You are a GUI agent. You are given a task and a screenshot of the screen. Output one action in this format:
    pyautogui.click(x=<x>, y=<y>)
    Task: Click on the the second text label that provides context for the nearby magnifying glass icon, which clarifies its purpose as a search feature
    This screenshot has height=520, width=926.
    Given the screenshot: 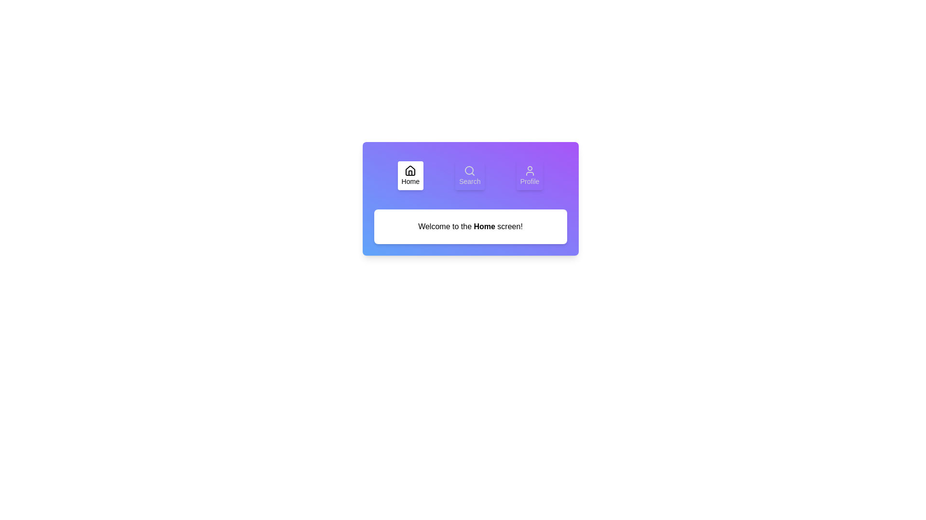 What is the action you would take?
    pyautogui.click(x=470, y=182)
    